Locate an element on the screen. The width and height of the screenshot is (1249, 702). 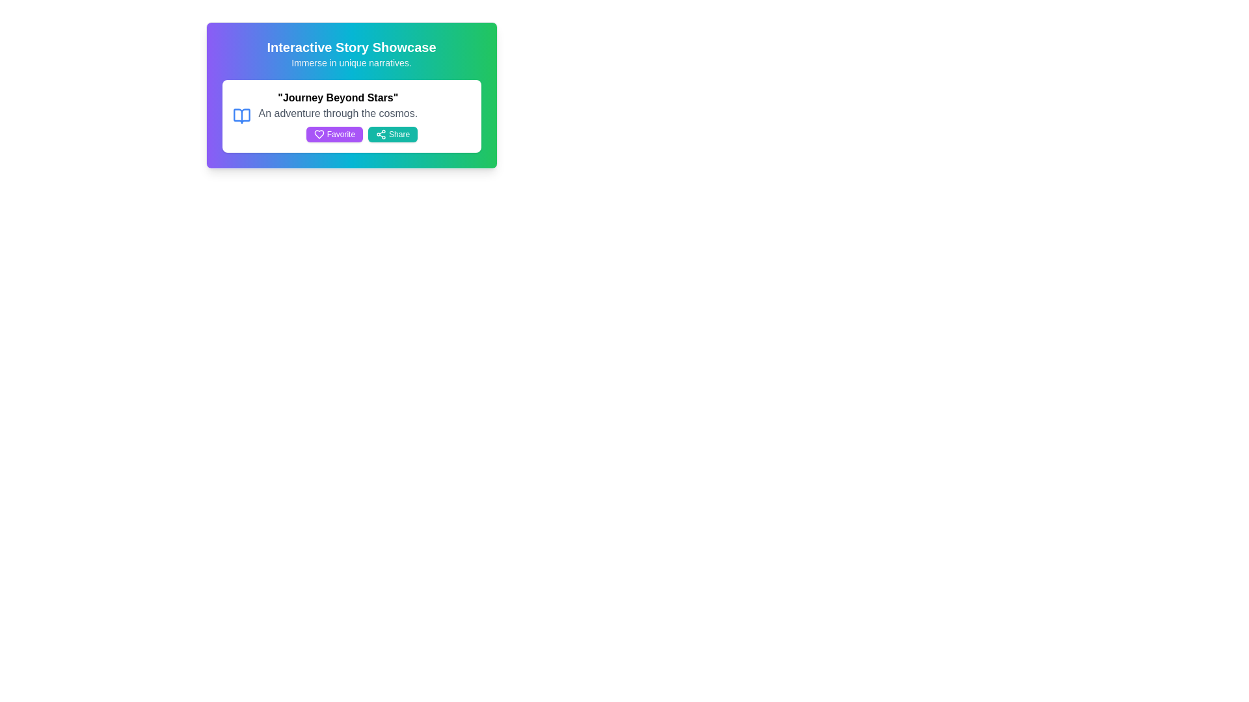
the button located immediately to the right of the line reading 'An adventure through the cosmos.' to mark or unmark the item as favorite is located at coordinates (338, 135).